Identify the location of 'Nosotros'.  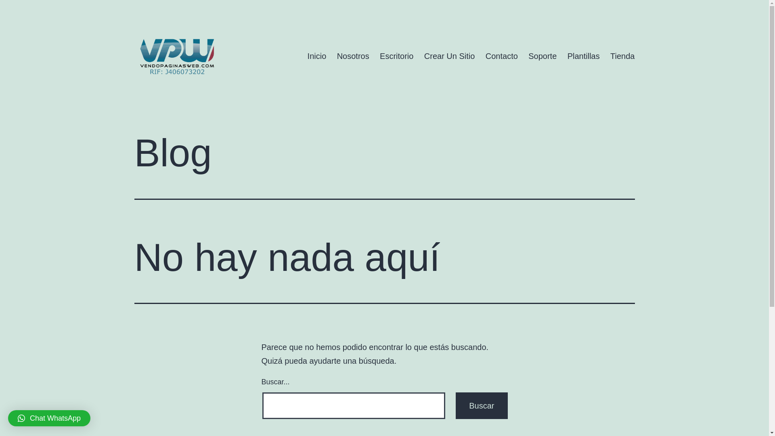
(352, 55).